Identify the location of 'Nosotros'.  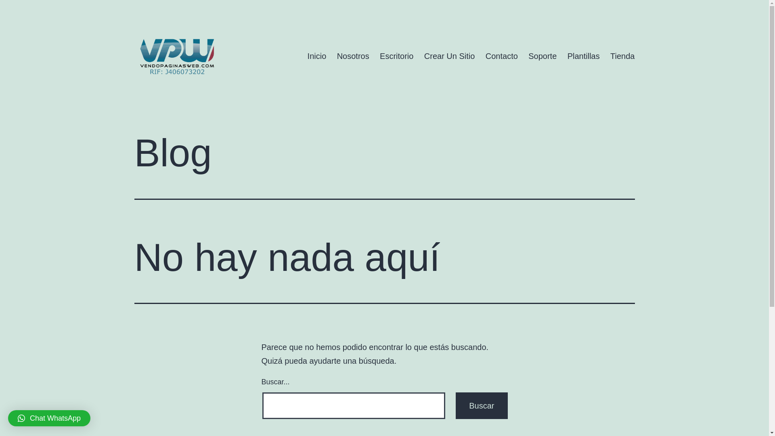
(352, 55).